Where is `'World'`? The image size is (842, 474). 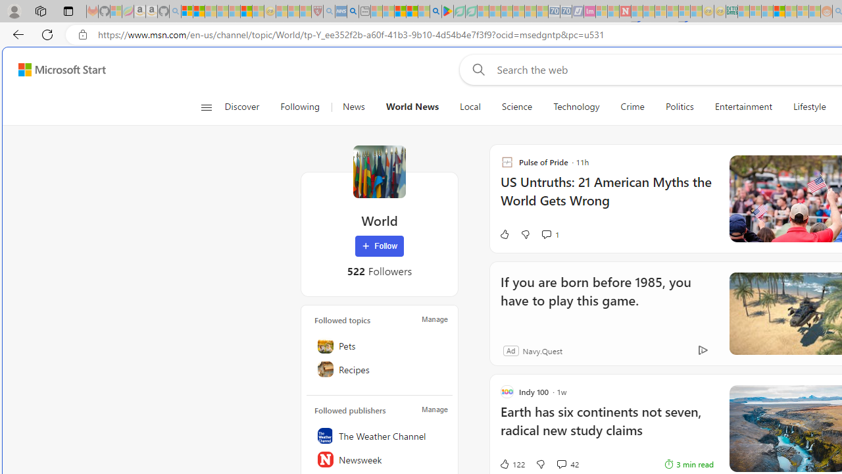
'World' is located at coordinates (379, 171).